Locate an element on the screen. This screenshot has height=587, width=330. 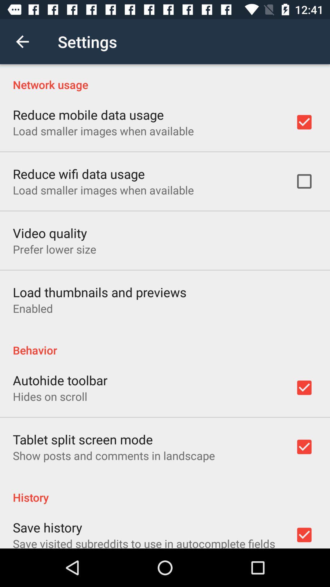
the video quality is located at coordinates (50, 233).